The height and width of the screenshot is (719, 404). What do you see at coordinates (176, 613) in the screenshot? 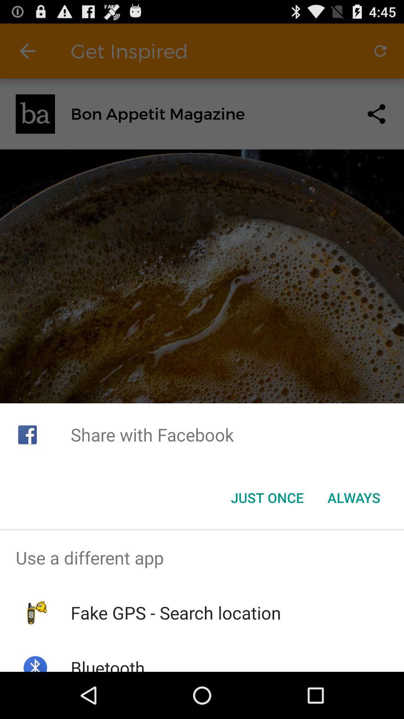
I see `item above bluetooth` at bounding box center [176, 613].